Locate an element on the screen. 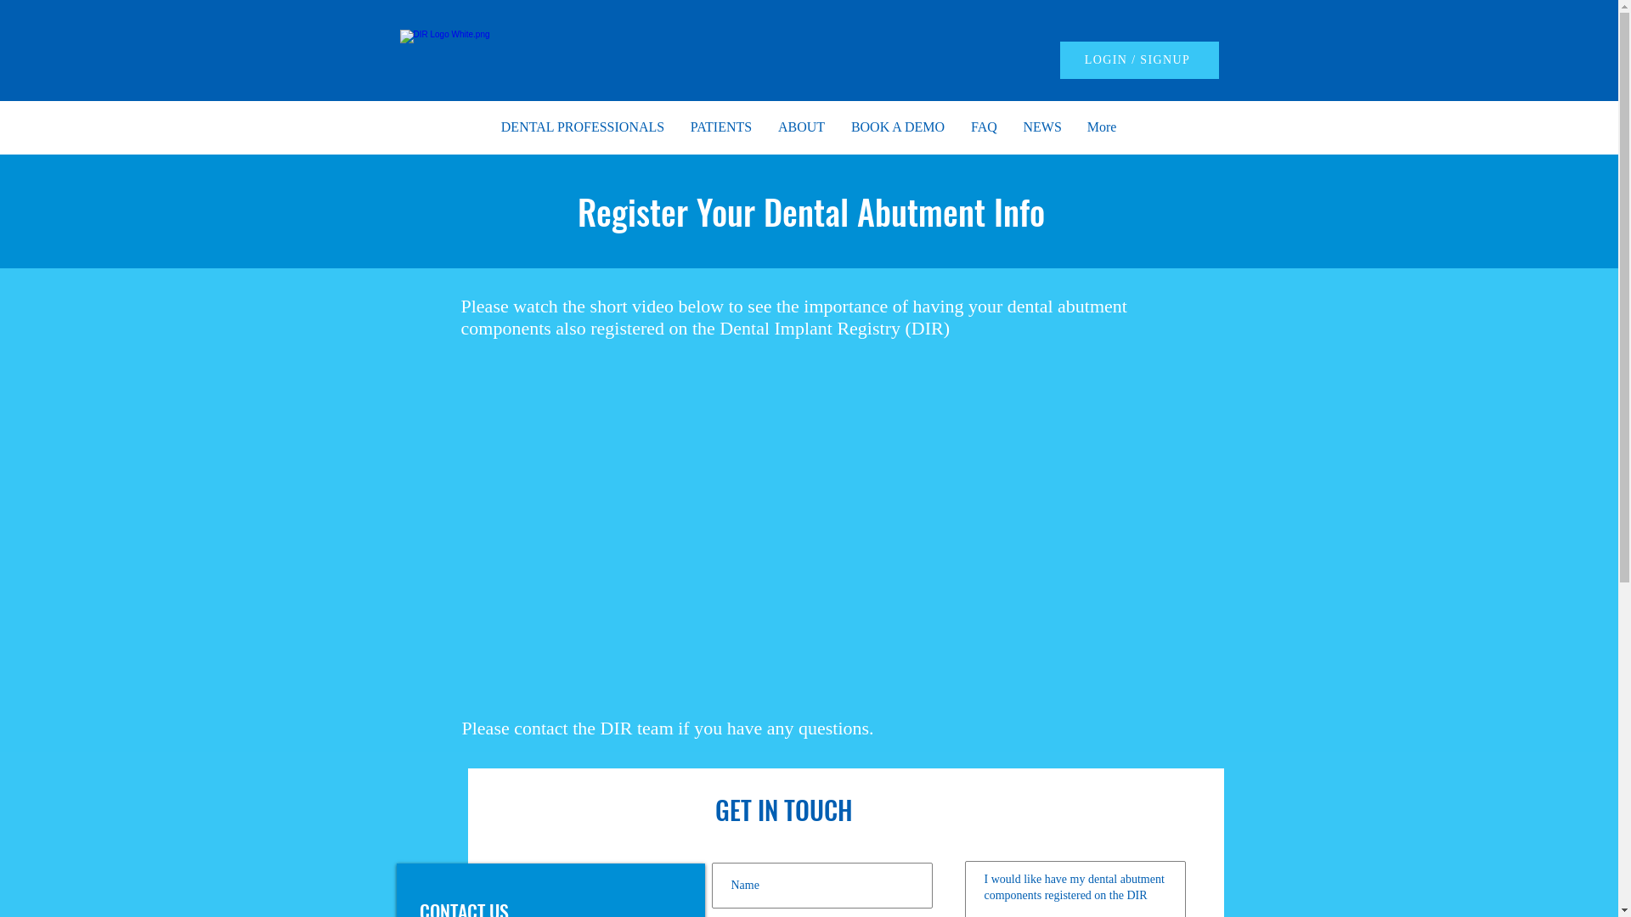 The height and width of the screenshot is (917, 1631). 'BOOK A DEMO' is located at coordinates (896, 127).